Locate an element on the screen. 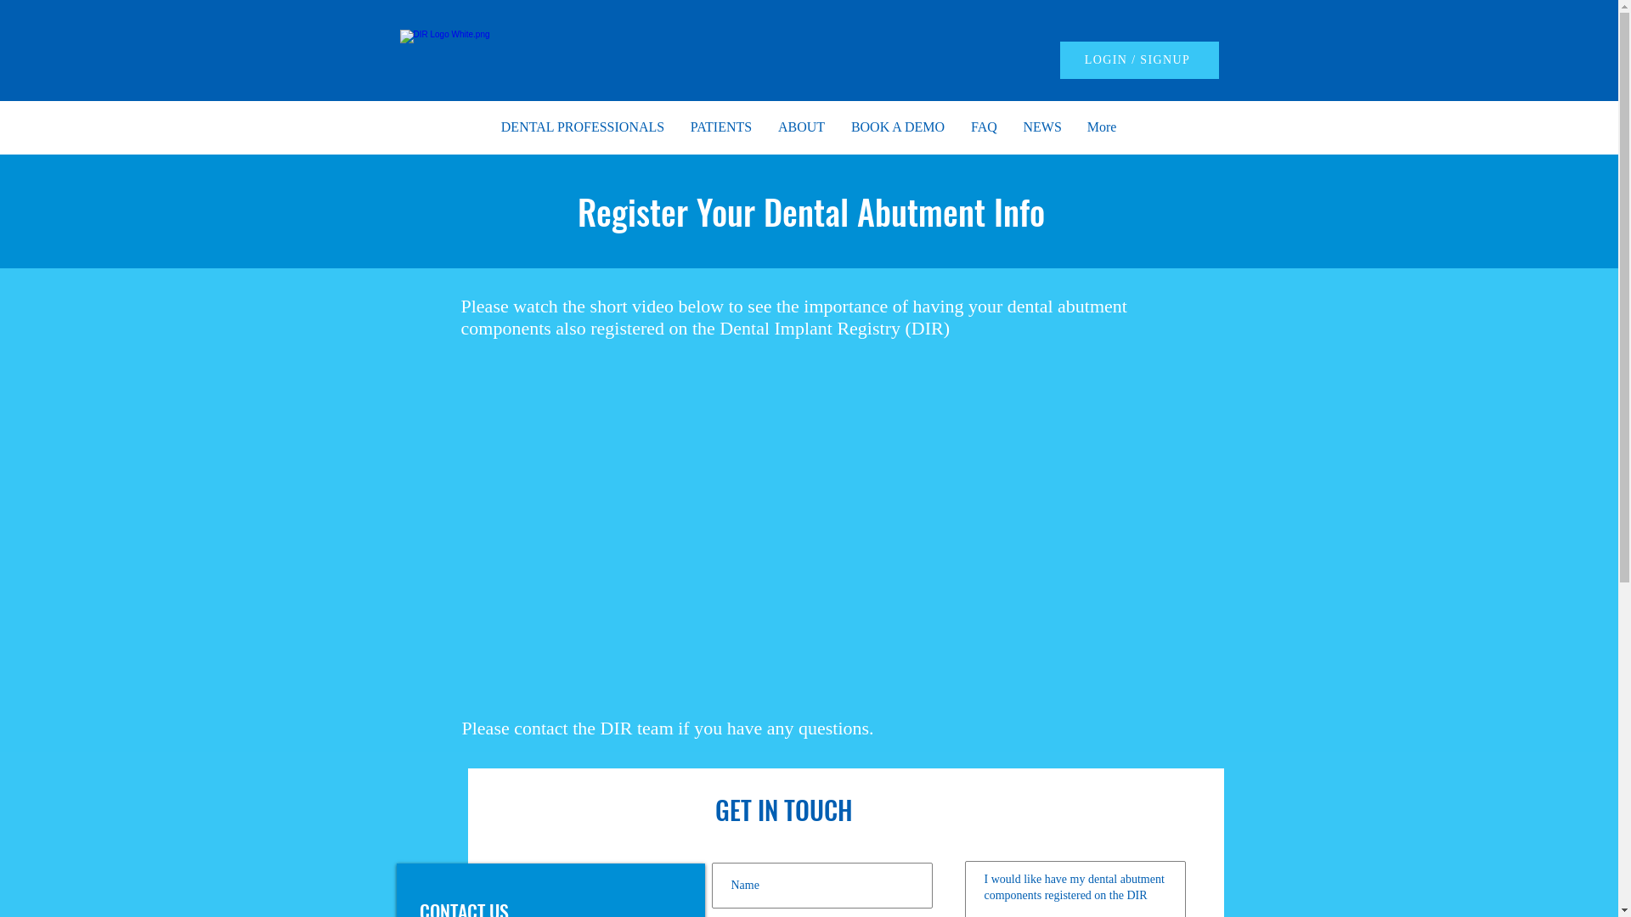 The height and width of the screenshot is (917, 1631). 'BOOK A DEMO' is located at coordinates (896, 127).